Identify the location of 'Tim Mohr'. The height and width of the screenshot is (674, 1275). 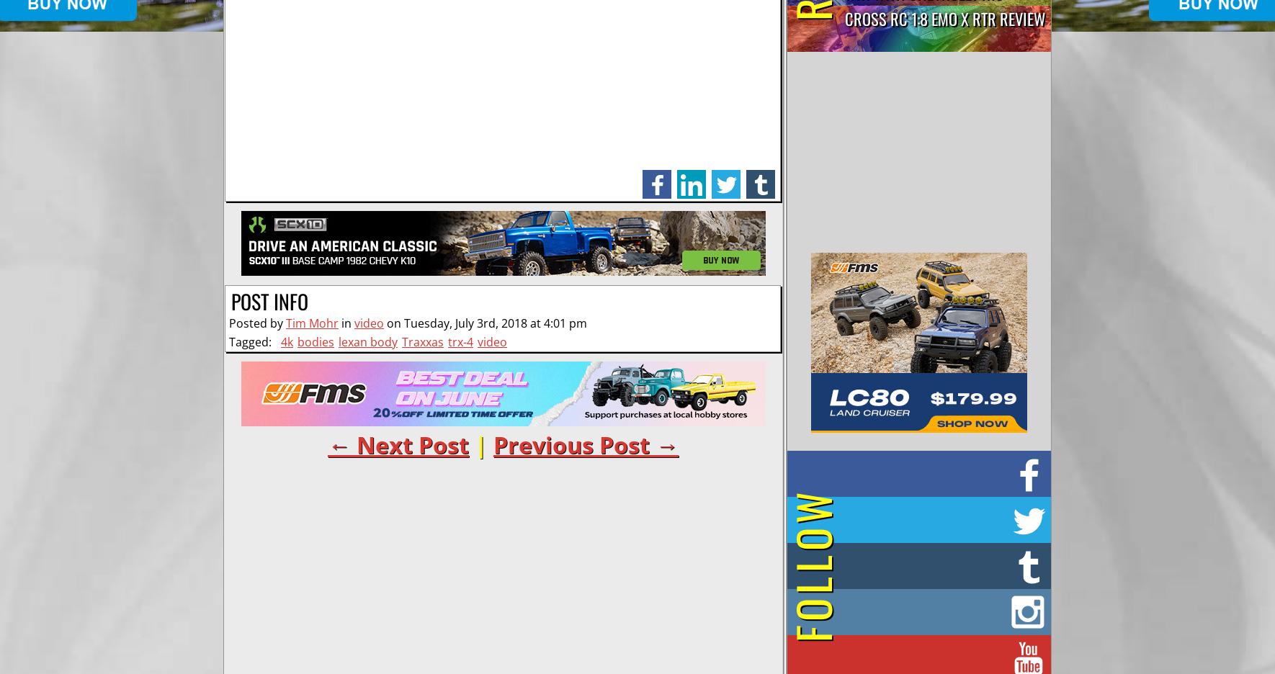
(285, 323).